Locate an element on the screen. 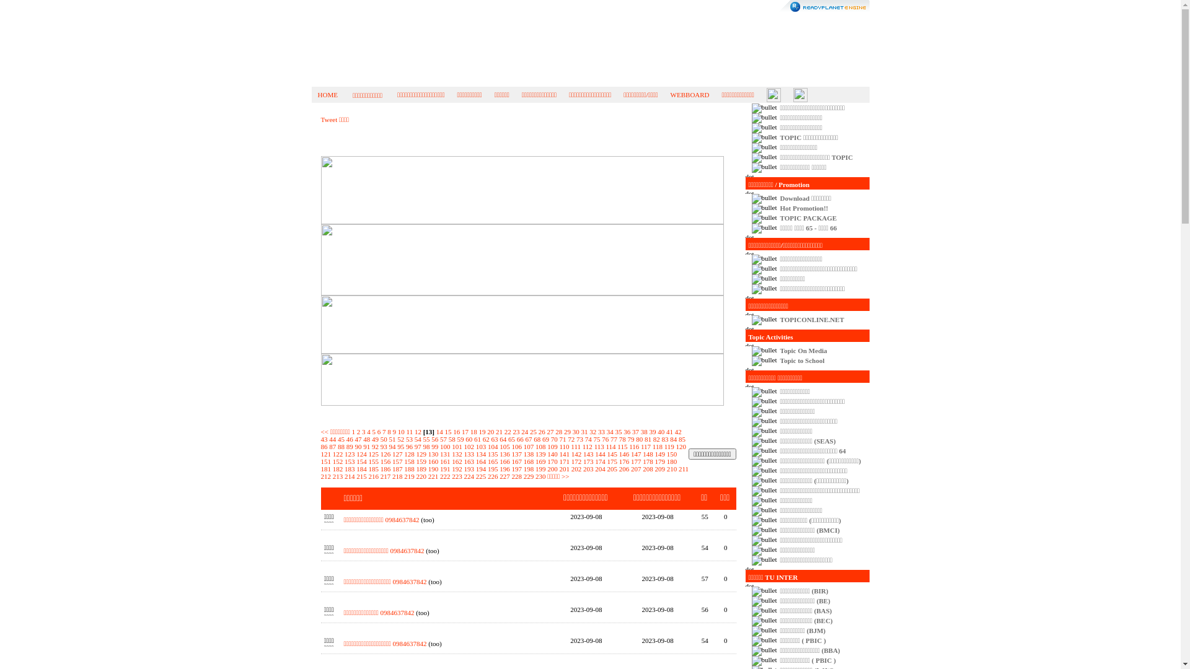 The height and width of the screenshot is (669, 1190). '137' is located at coordinates (517, 453).